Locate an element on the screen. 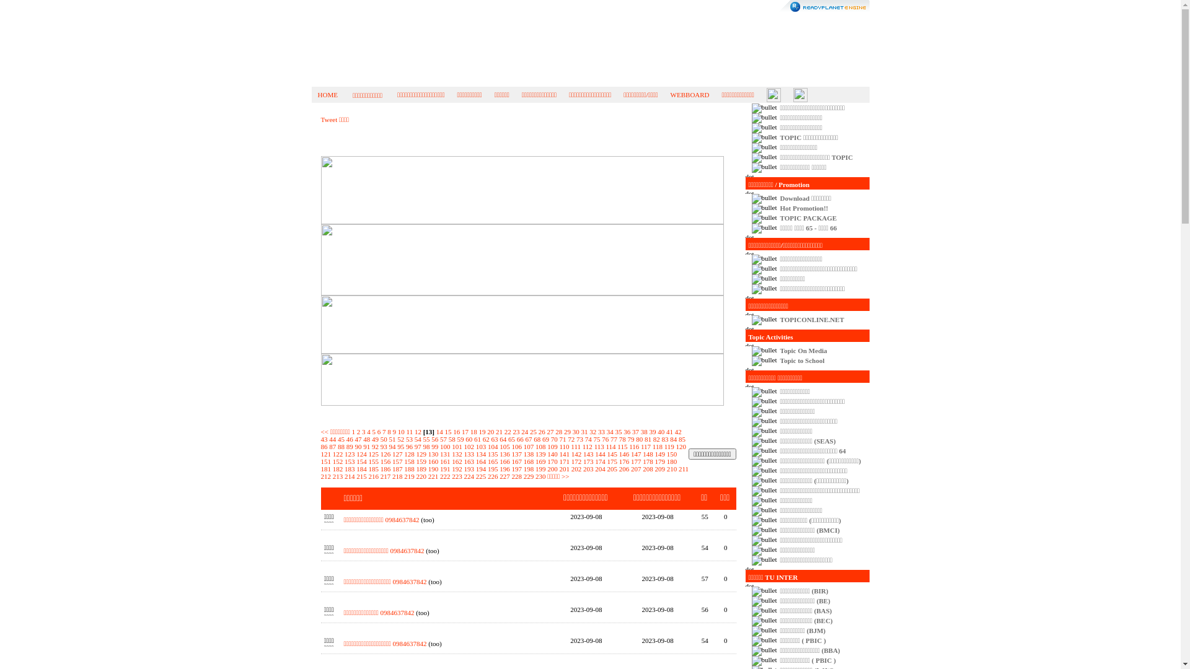 The height and width of the screenshot is (669, 1190). '137' is located at coordinates (517, 453).